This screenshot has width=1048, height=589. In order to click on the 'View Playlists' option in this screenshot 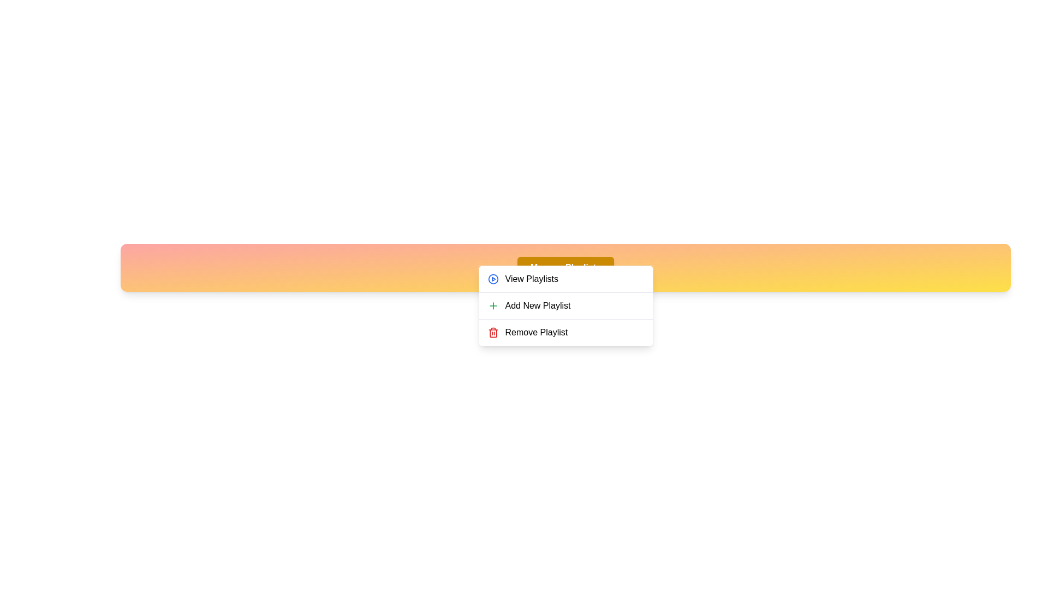, I will do `click(565, 279)`.